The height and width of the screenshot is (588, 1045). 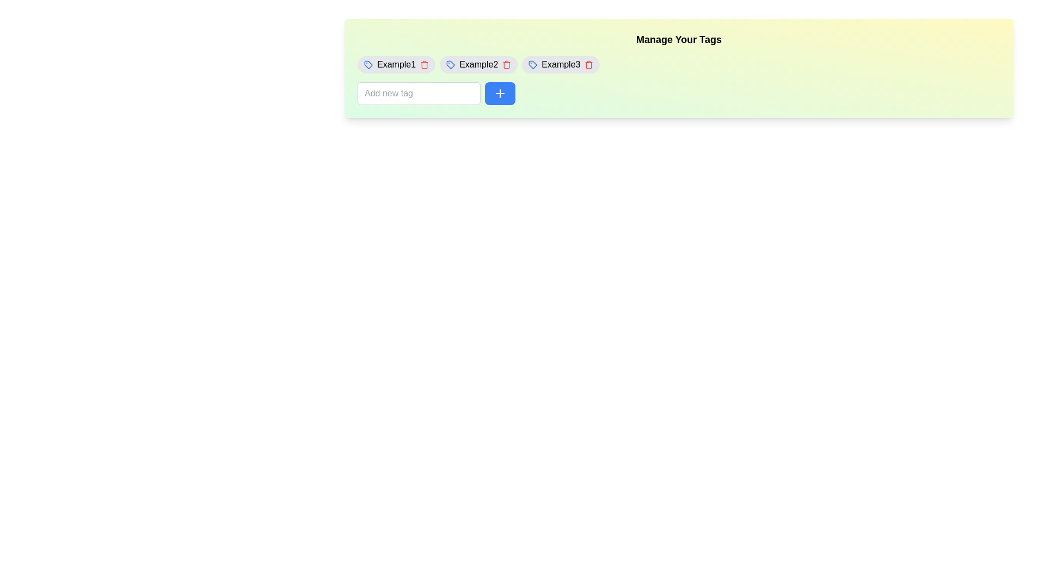 What do you see at coordinates (396, 65) in the screenshot?
I see `the text 'Example1' within the first chip of a horizontal sequence` at bounding box center [396, 65].